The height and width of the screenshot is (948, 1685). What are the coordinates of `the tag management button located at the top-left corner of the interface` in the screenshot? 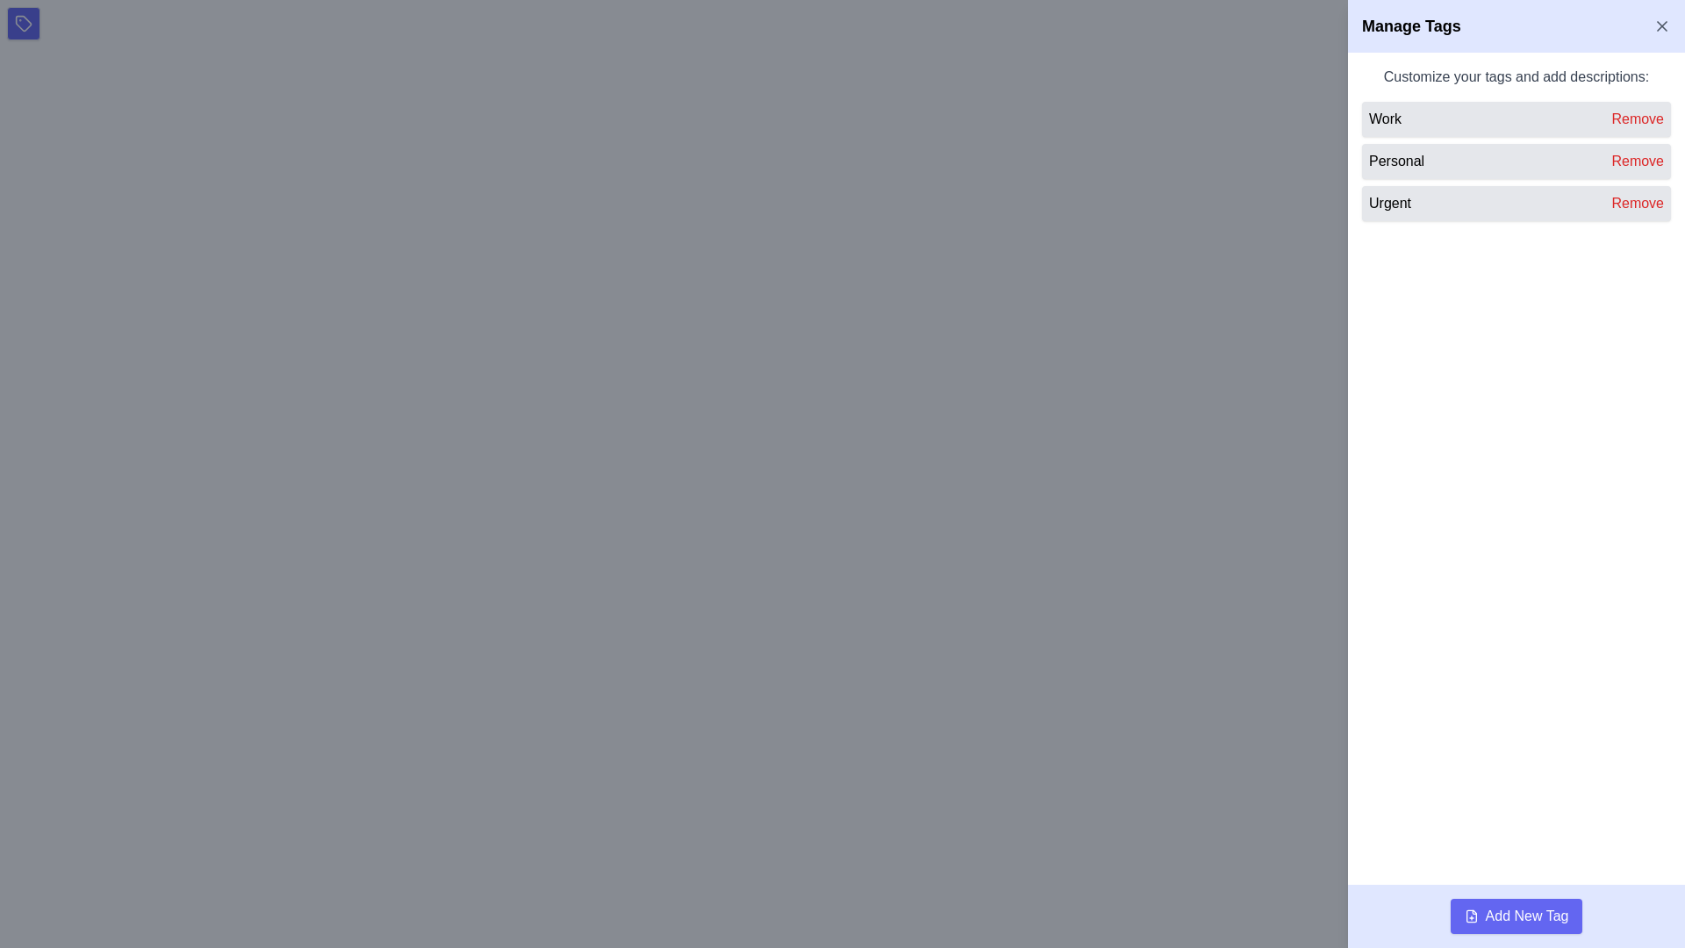 It's located at (24, 24).